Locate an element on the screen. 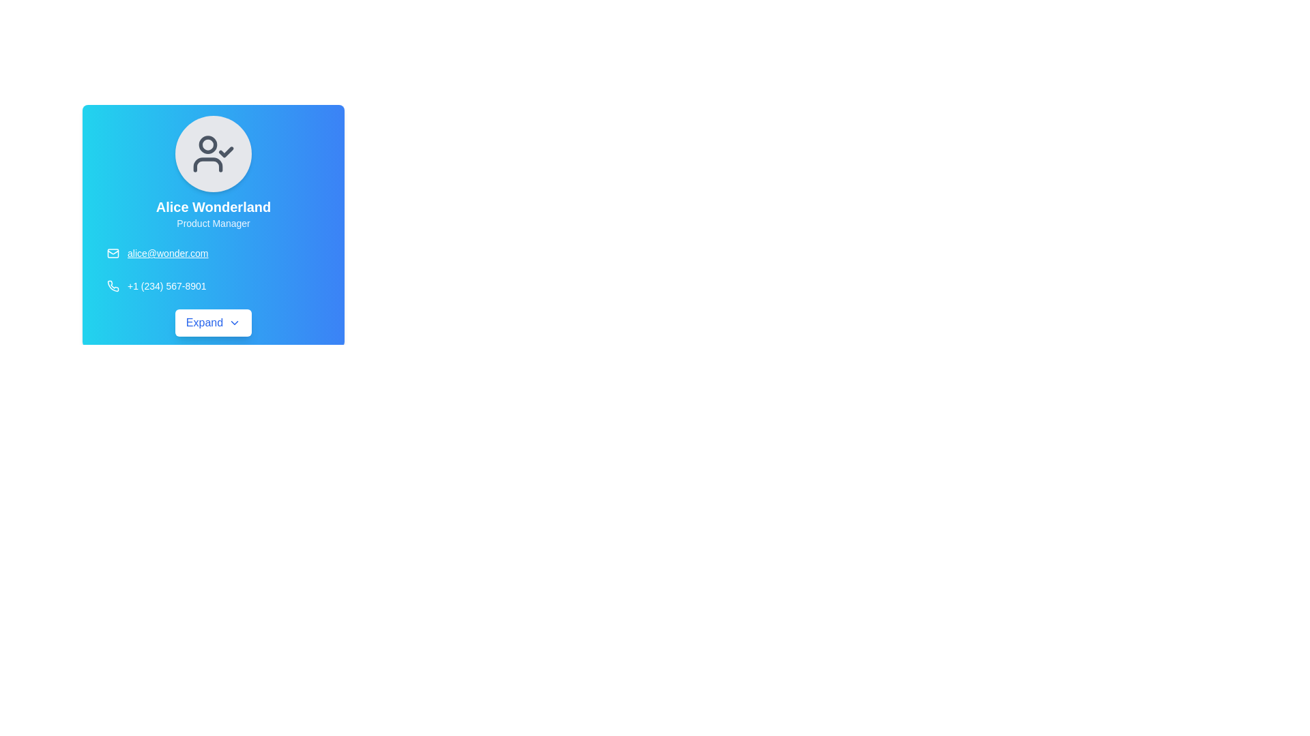 Image resolution: width=1310 pixels, height=736 pixels. the profile icon or avatar located at the top center of the profile card above the text 'Alice Wonderland' and 'Product Manager' is located at coordinates (212, 153).